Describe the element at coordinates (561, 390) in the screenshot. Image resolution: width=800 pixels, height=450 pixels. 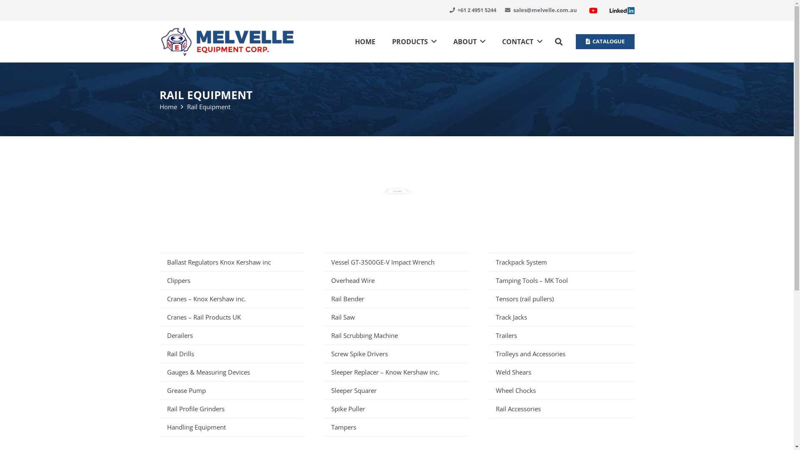
I see `'Wheel Chocks'` at that location.